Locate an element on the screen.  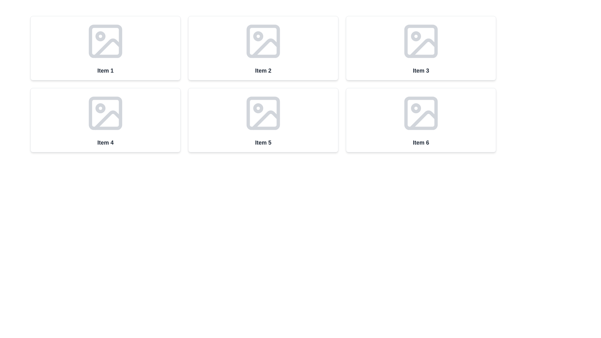
the Card component labeled 'Item 6' located in the bottom-right of a grid layout is located at coordinates (421, 120).